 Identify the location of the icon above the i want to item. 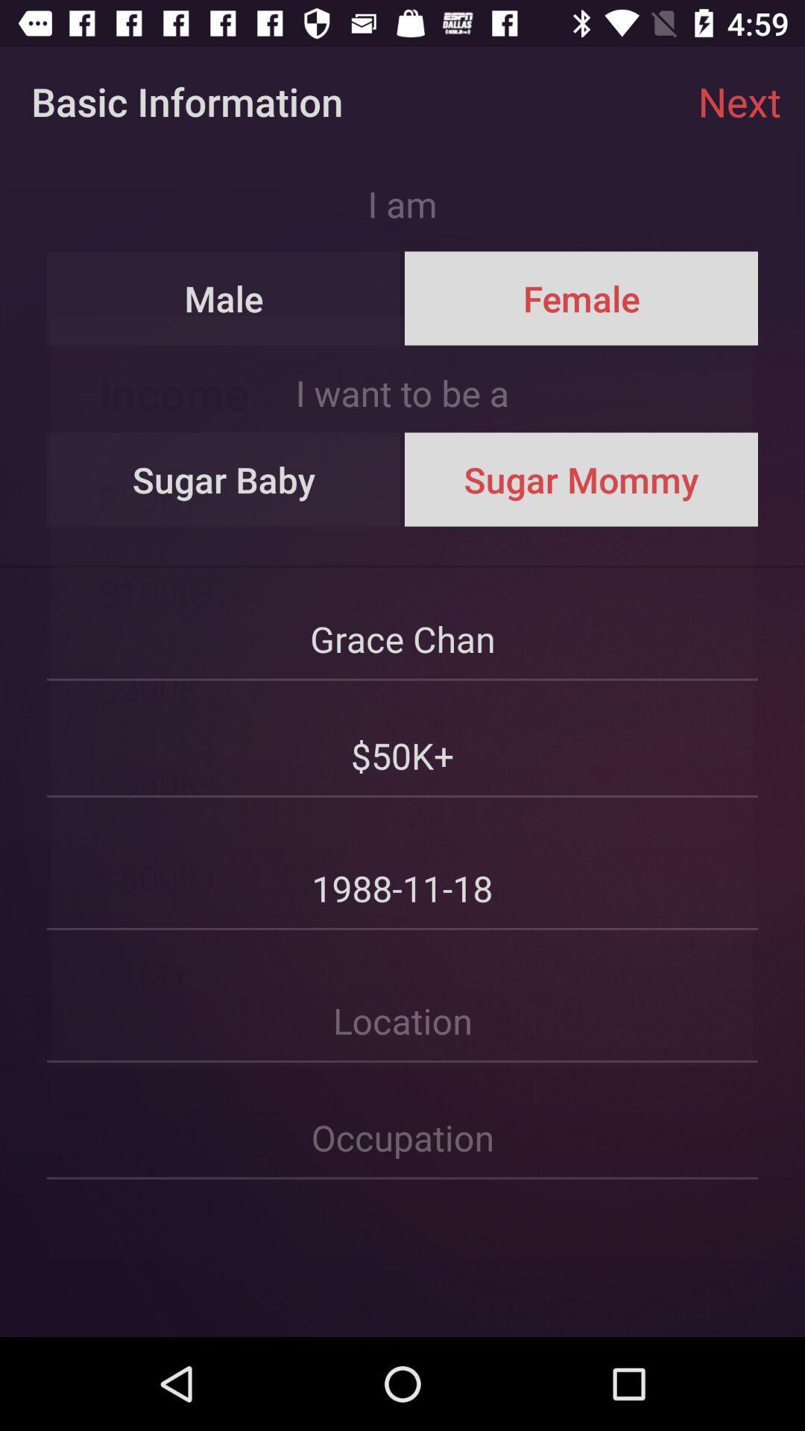
(224, 298).